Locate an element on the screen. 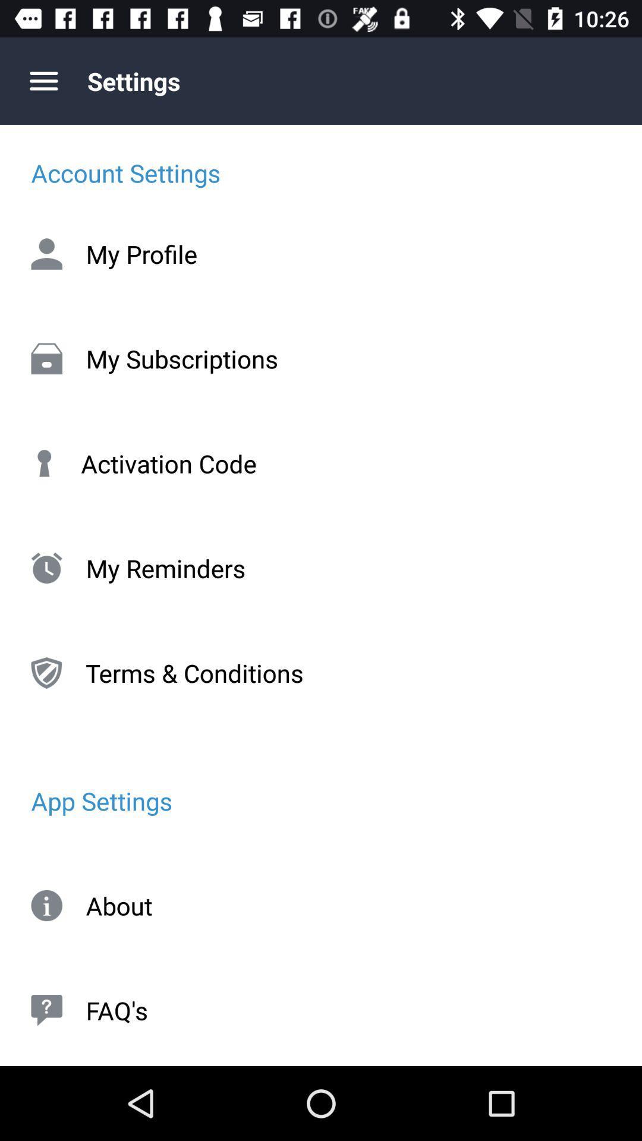 The width and height of the screenshot is (642, 1141). item next to the settings is located at coordinates (43, 80).